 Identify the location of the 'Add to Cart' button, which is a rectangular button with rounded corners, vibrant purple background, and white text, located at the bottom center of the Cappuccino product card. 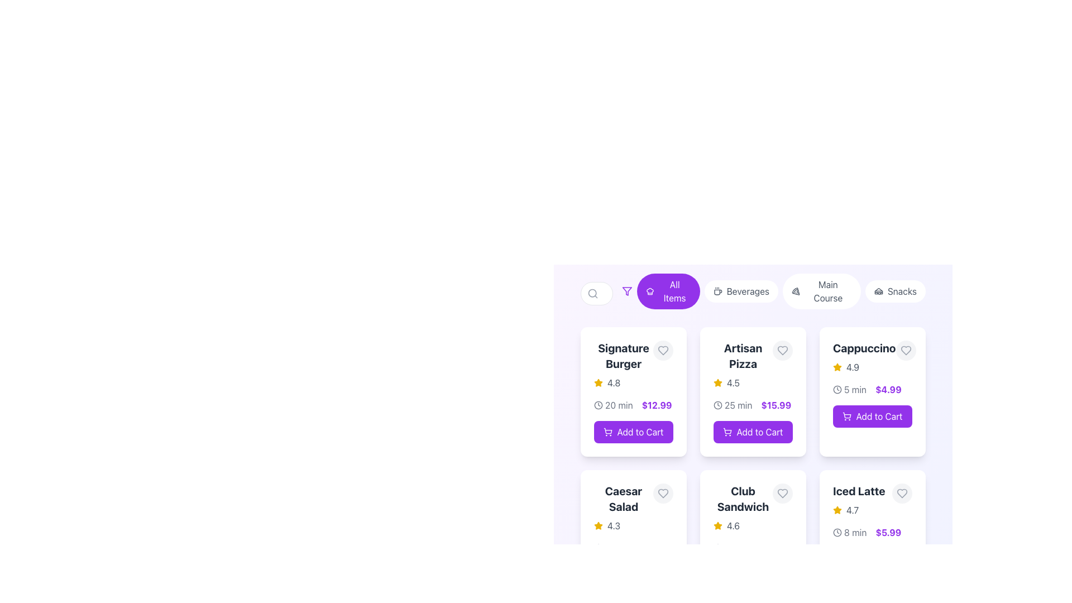
(872, 416).